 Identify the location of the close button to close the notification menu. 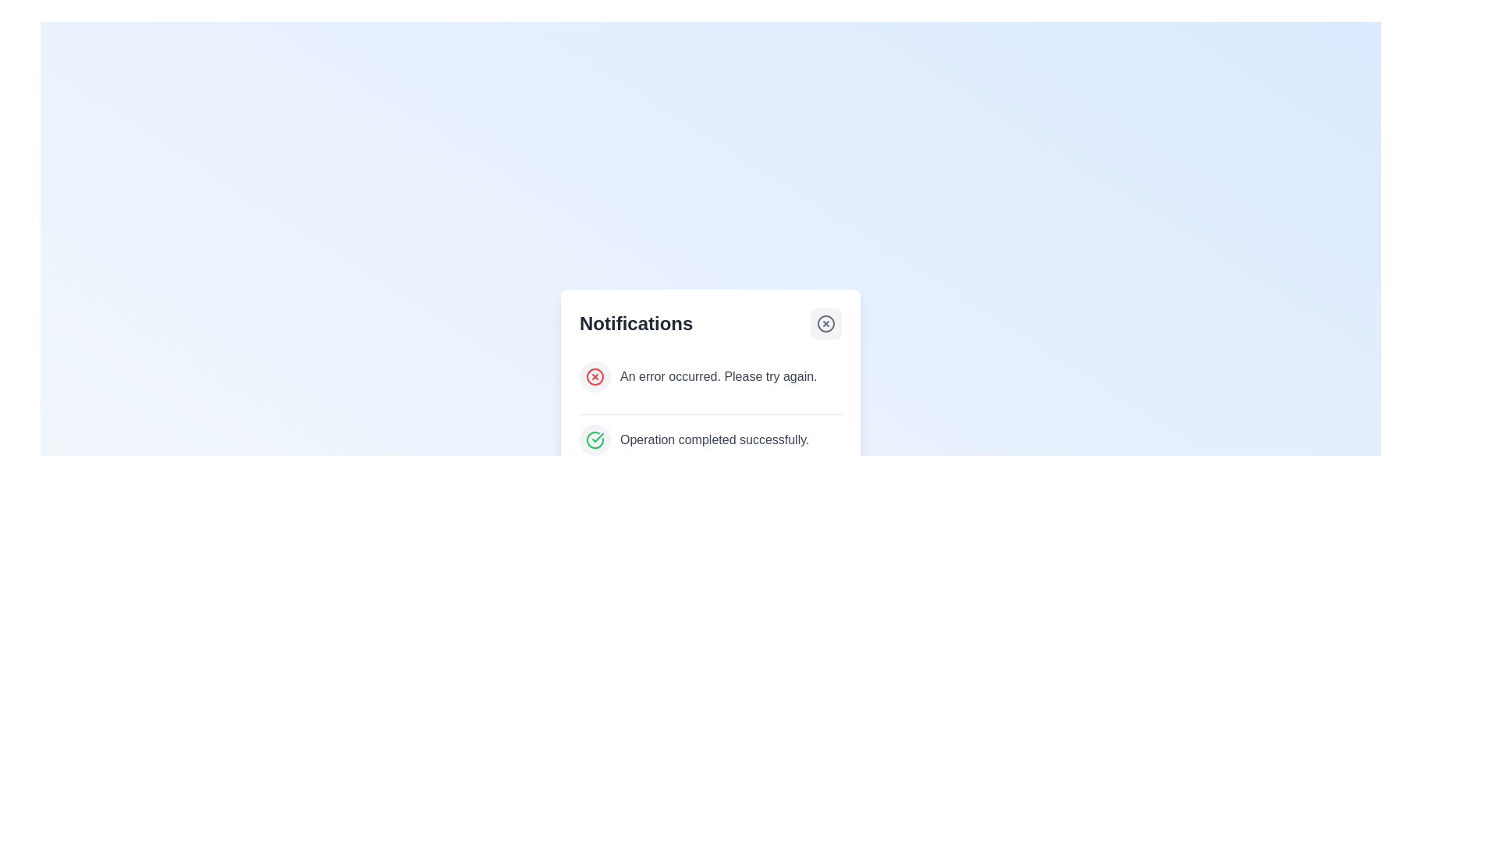
(825, 323).